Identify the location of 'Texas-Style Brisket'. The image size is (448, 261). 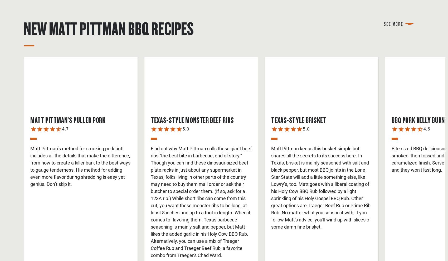
(299, 119).